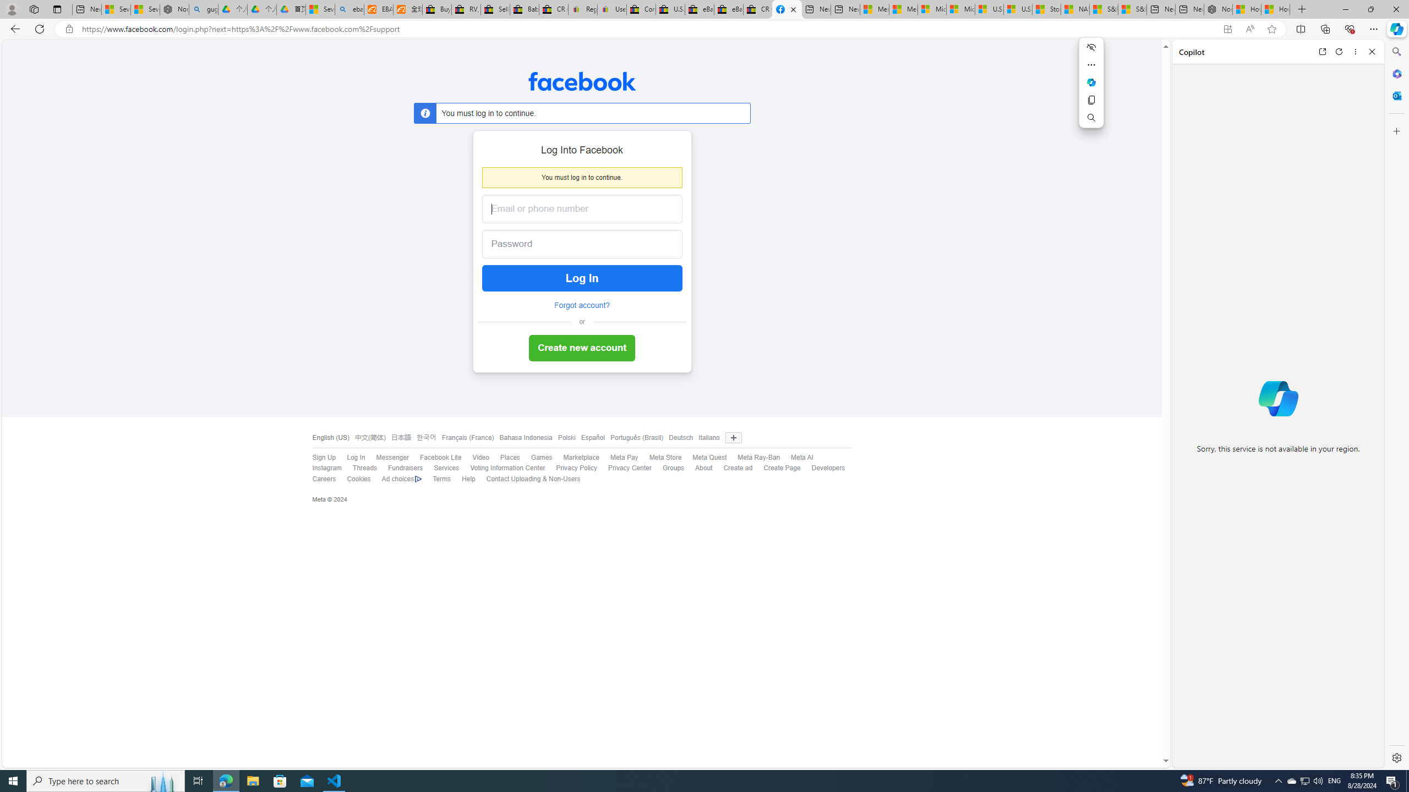 Image resolution: width=1409 pixels, height=792 pixels. I want to click on 'Side bar', so click(1396, 404).